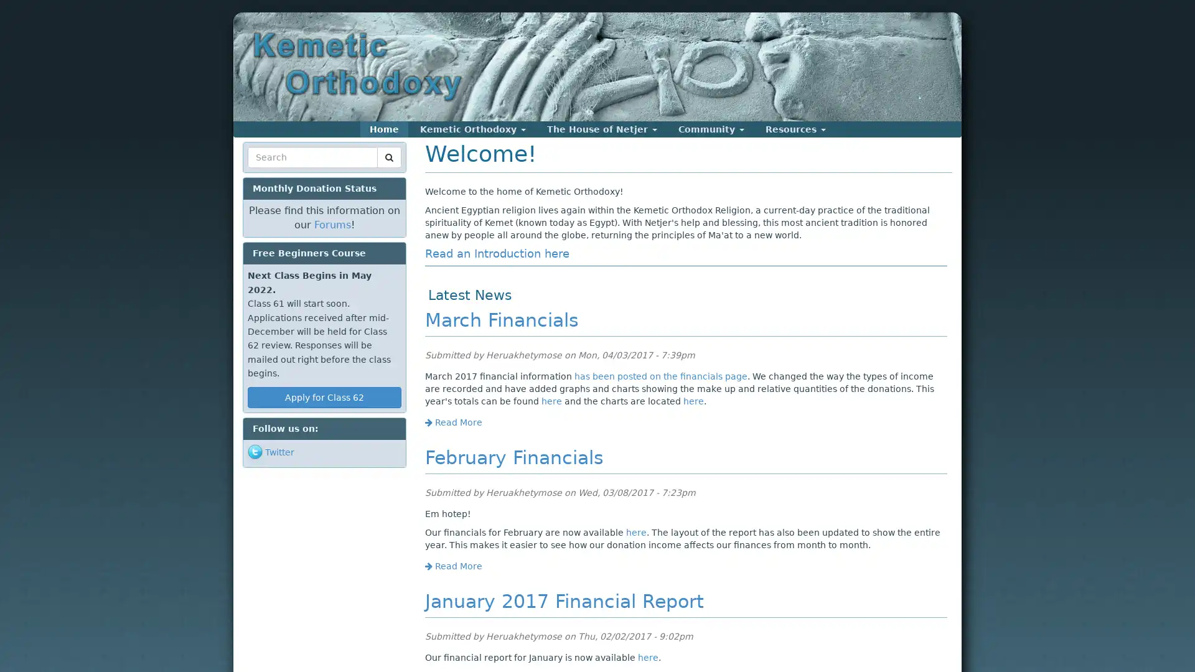 Image resolution: width=1195 pixels, height=672 pixels. What do you see at coordinates (271, 172) in the screenshot?
I see `Search` at bounding box center [271, 172].